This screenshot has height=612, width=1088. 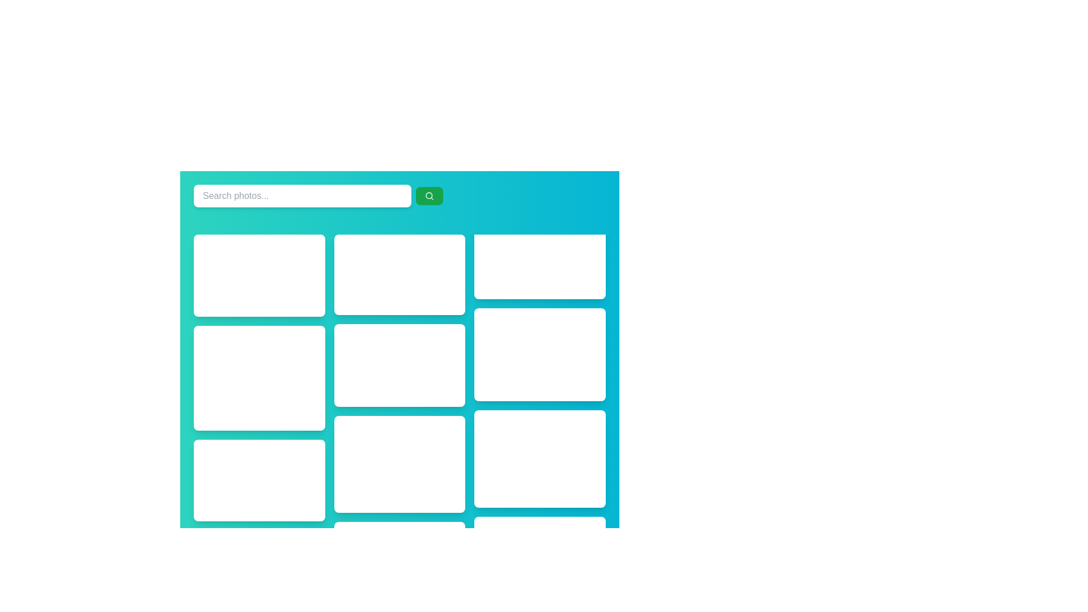 What do you see at coordinates (258, 378) in the screenshot?
I see `the clickable image tile located in the second column of the second row of the grid layout` at bounding box center [258, 378].